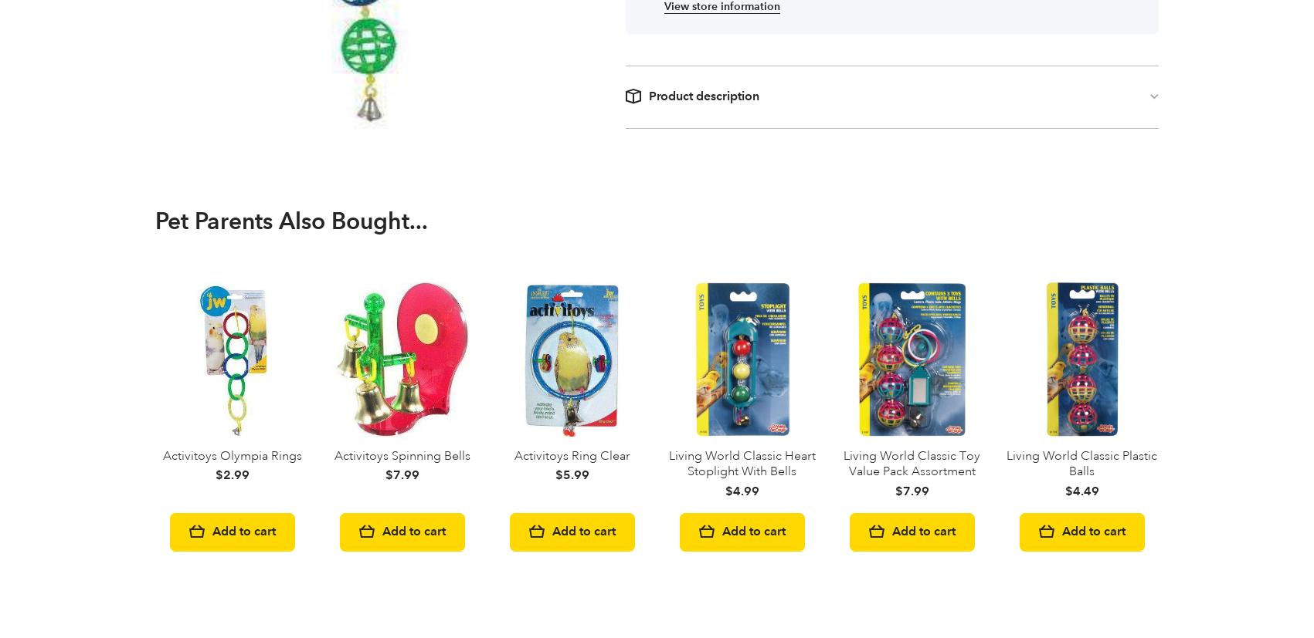 The image size is (1314, 638). Describe the element at coordinates (616, 442) in the screenshot. I see `'Hassle Free Returns'` at that location.